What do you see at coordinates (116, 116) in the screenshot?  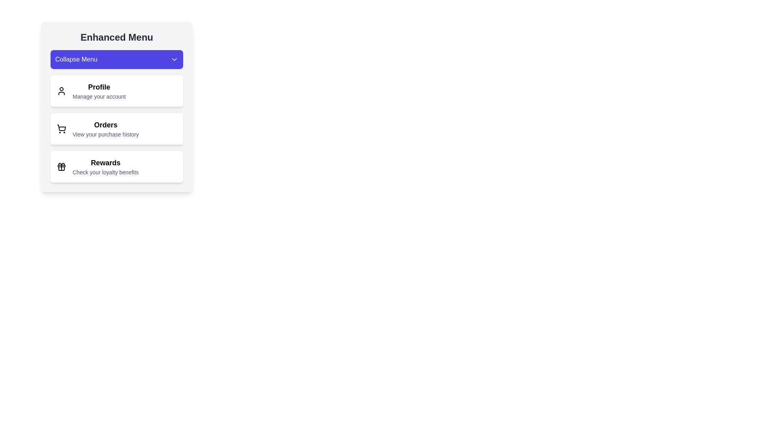 I see `the second item in the vertical dropdown menu entitled 'Enhanced Menu'` at bounding box center [116, 116].